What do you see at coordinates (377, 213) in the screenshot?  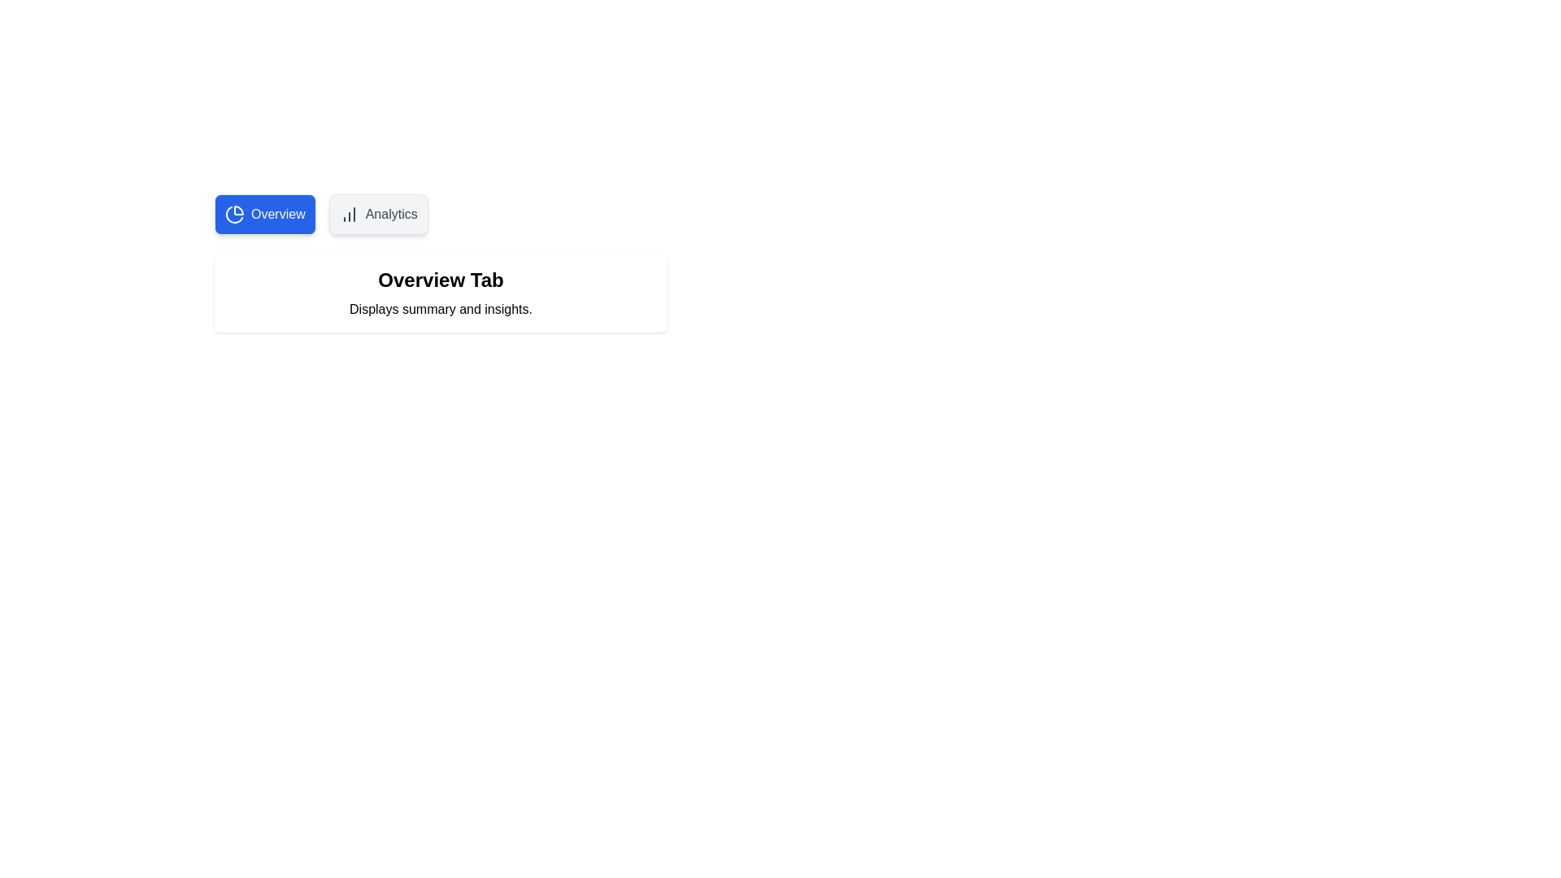 I see `the Analytics tab by clicking on it` at bounding box center [377, 213].